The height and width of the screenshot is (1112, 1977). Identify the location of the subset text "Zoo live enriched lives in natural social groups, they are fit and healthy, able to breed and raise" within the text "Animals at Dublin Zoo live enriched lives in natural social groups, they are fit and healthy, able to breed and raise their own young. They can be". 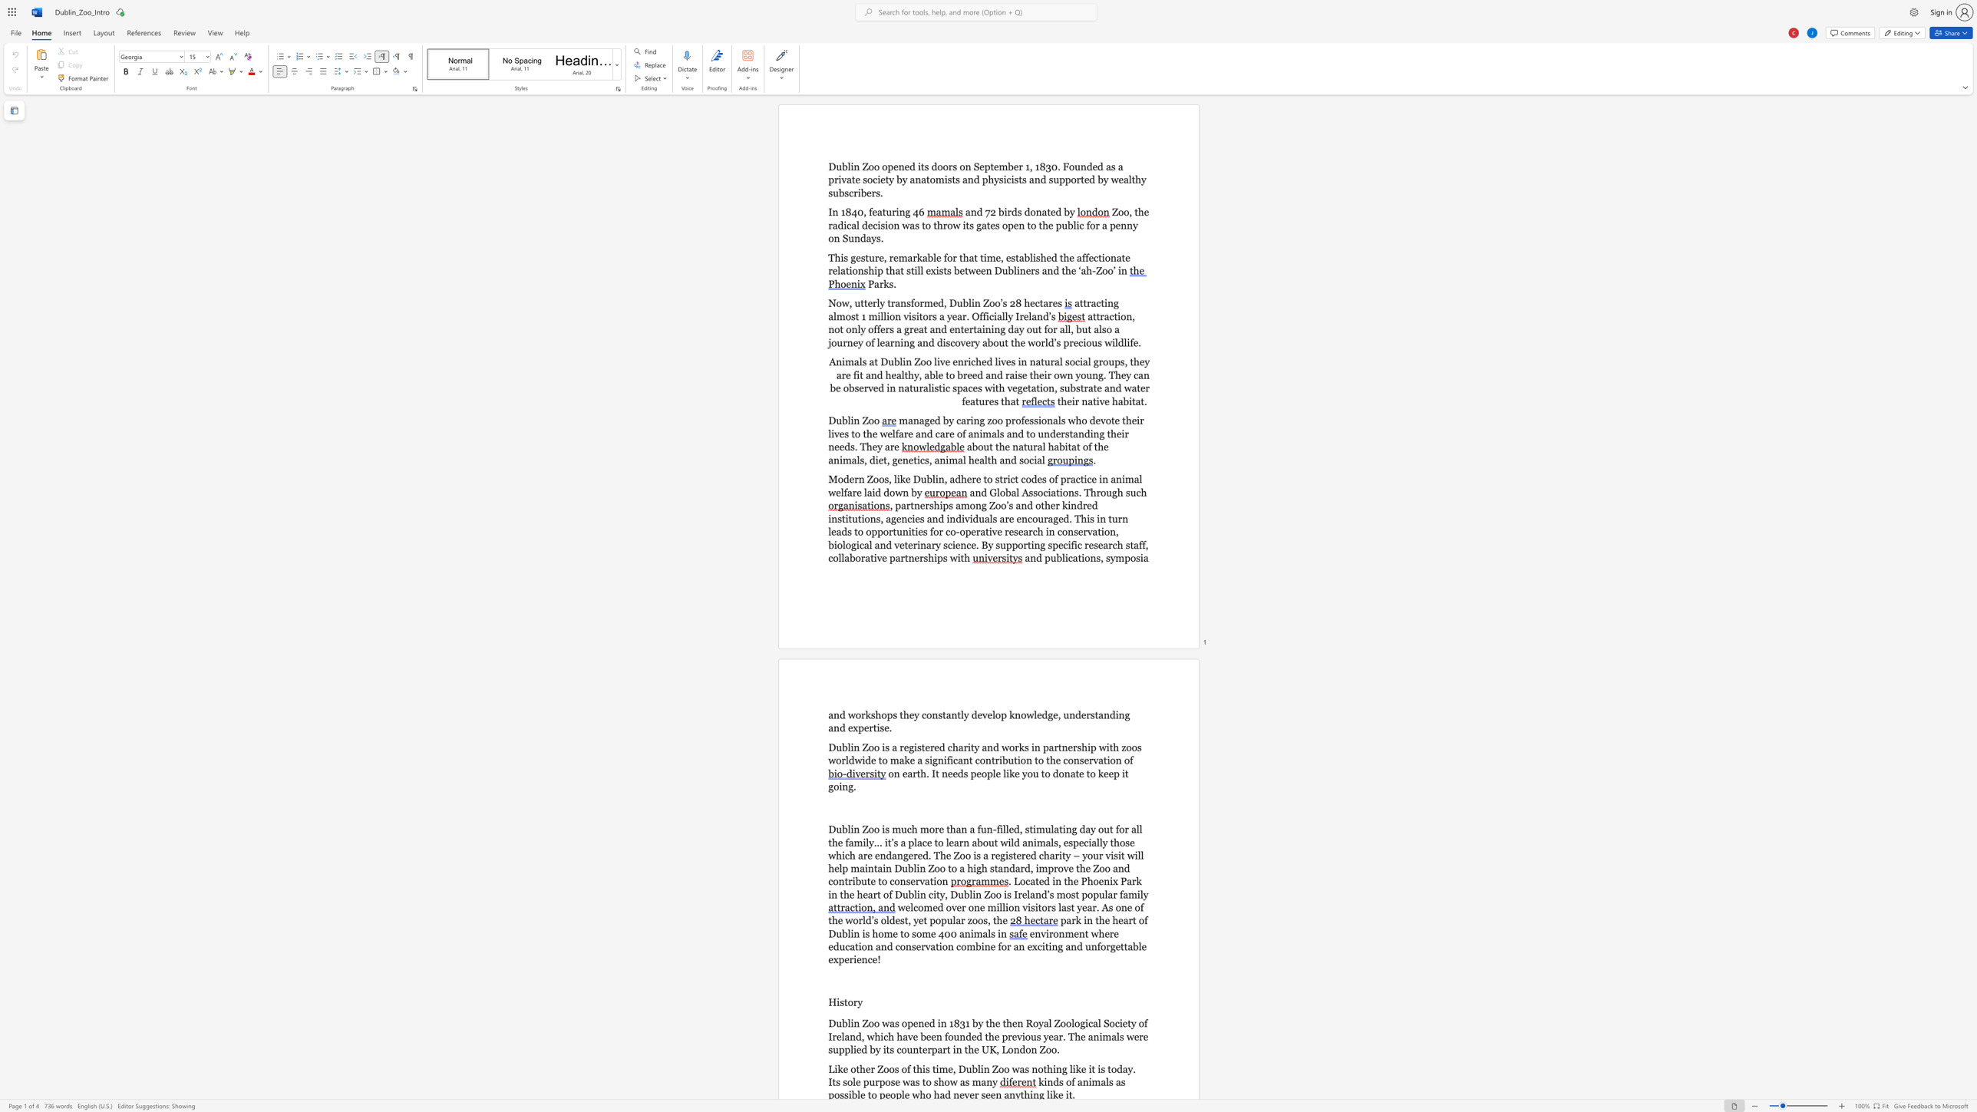
(914, 361).